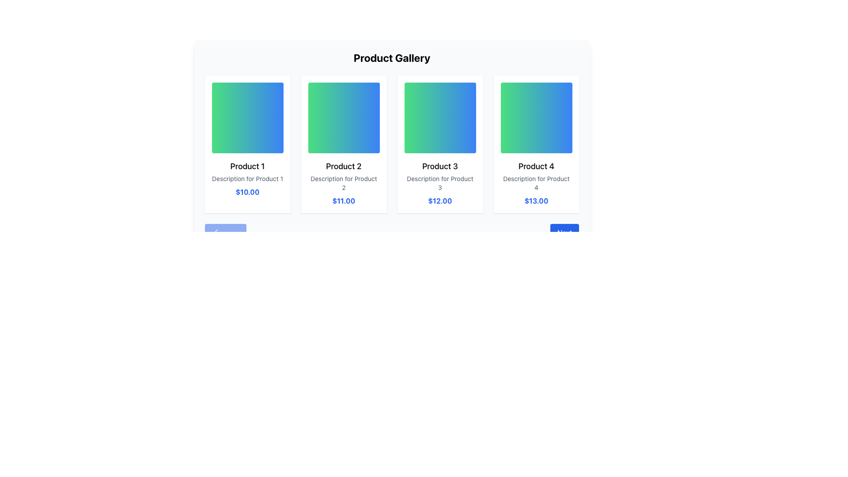 The width and height of the screenshot is (848, 477). What do you see at coordinates (343, 117) in the screenshot?
I see `the non-interactive gradient panel that transitions from green to blue, located at the top section of the card for 'Product 2'` at bounding box center [343, 117].